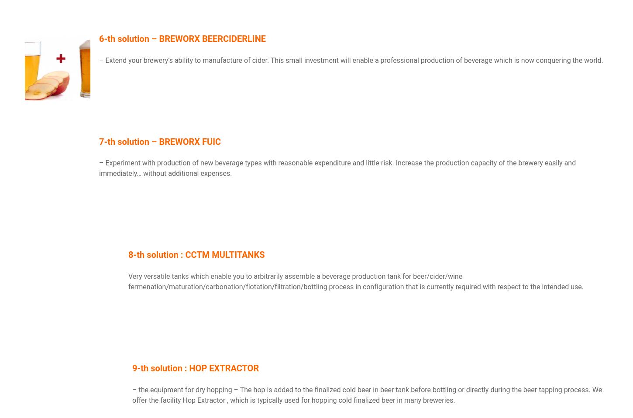  What do you see at coordinates (341, 400) in the screenshot?
I see `', which is typically used for hopping cold finalized beer in many breweries.'` at bounding box center [341, 400].